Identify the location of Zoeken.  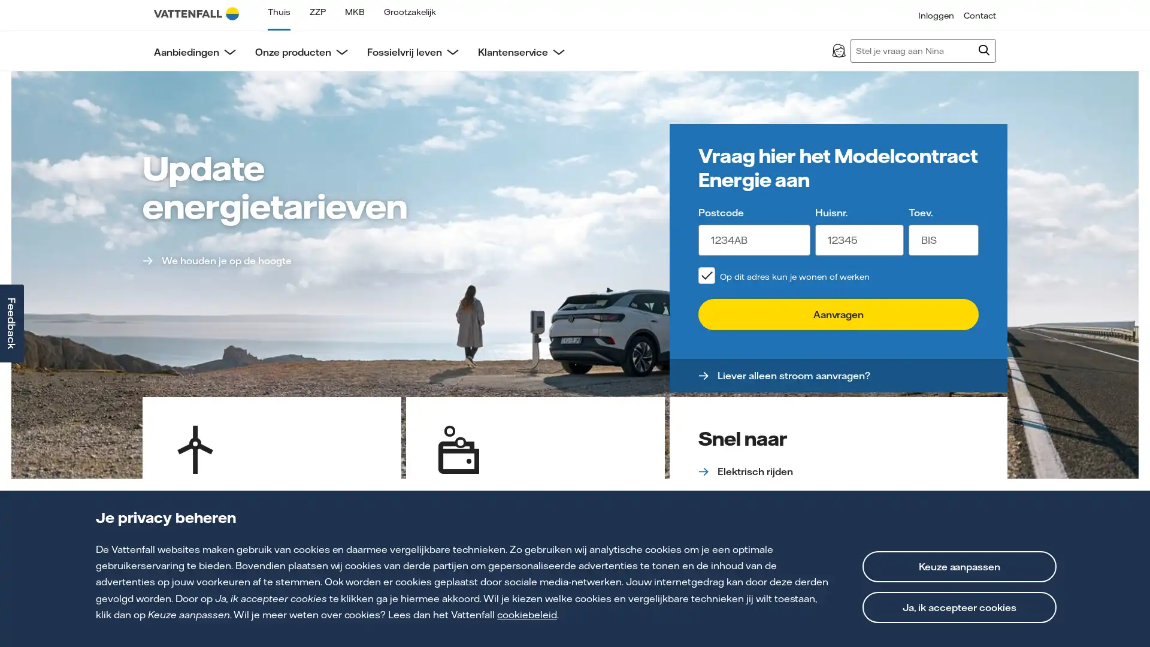
(983, 50).